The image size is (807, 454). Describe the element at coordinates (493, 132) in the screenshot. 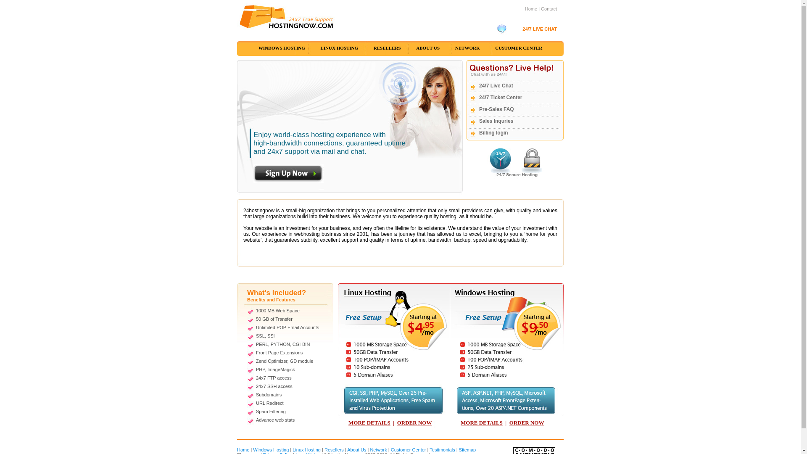

I see `'Billing login'` at that location.